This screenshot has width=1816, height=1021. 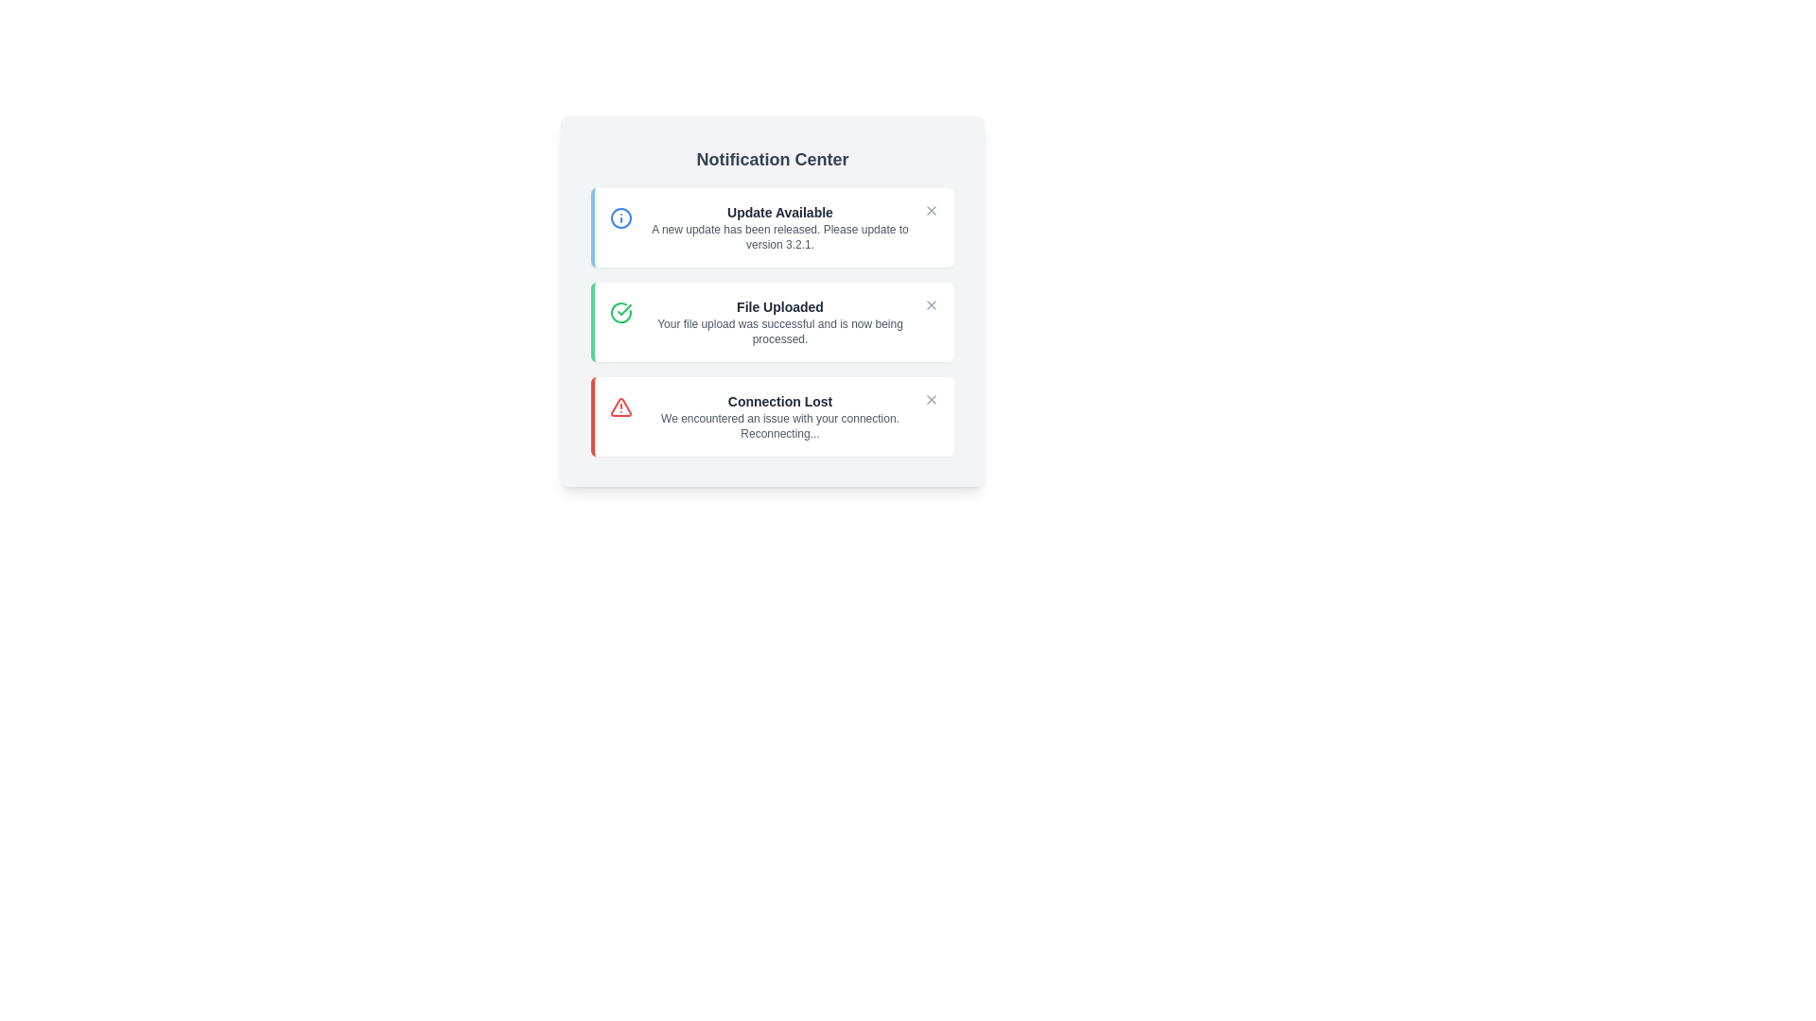 I want to click on the checkmark icon indicating a successful file upload located in the second notification of the Notification Center, so click(x=624, y=308).